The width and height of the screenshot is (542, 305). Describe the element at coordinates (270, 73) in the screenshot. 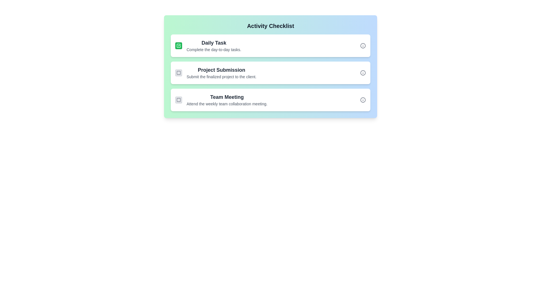

I see `the 'Project Submission' checklist item` at that location.